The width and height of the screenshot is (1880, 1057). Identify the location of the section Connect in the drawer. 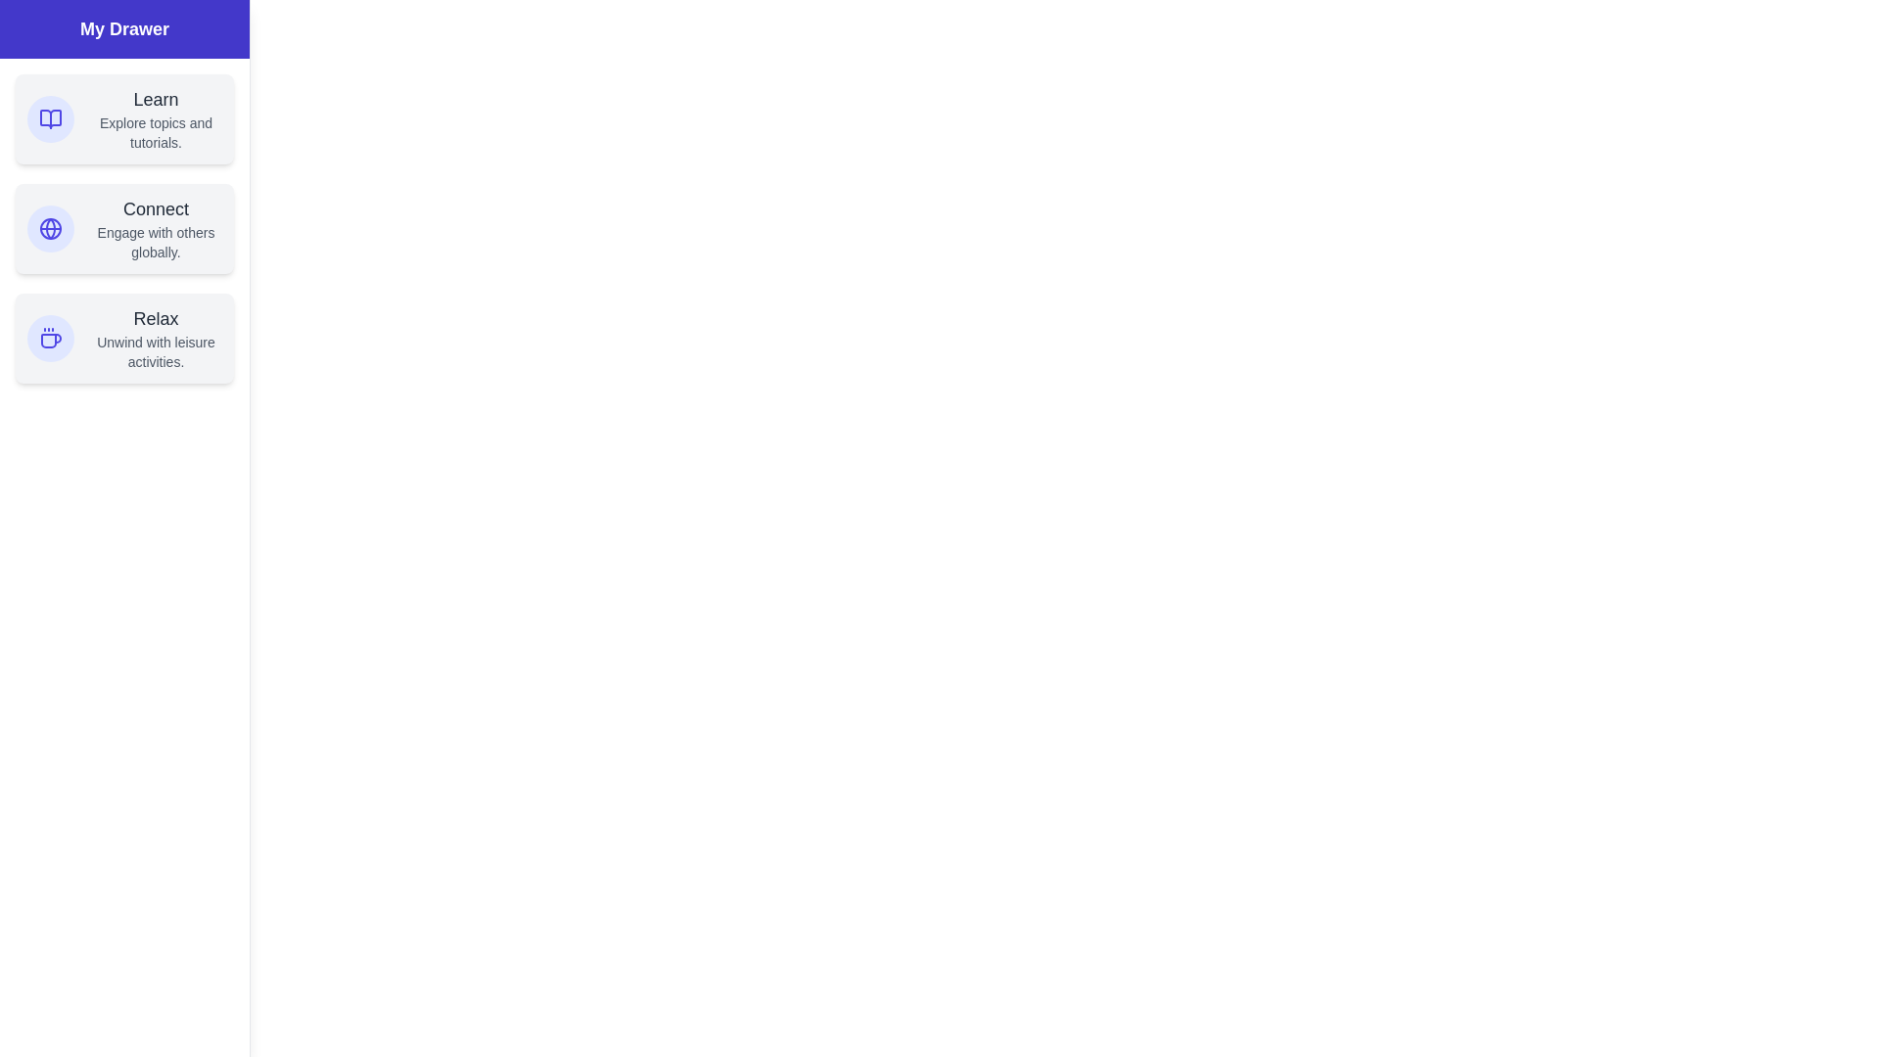
(123, 228).